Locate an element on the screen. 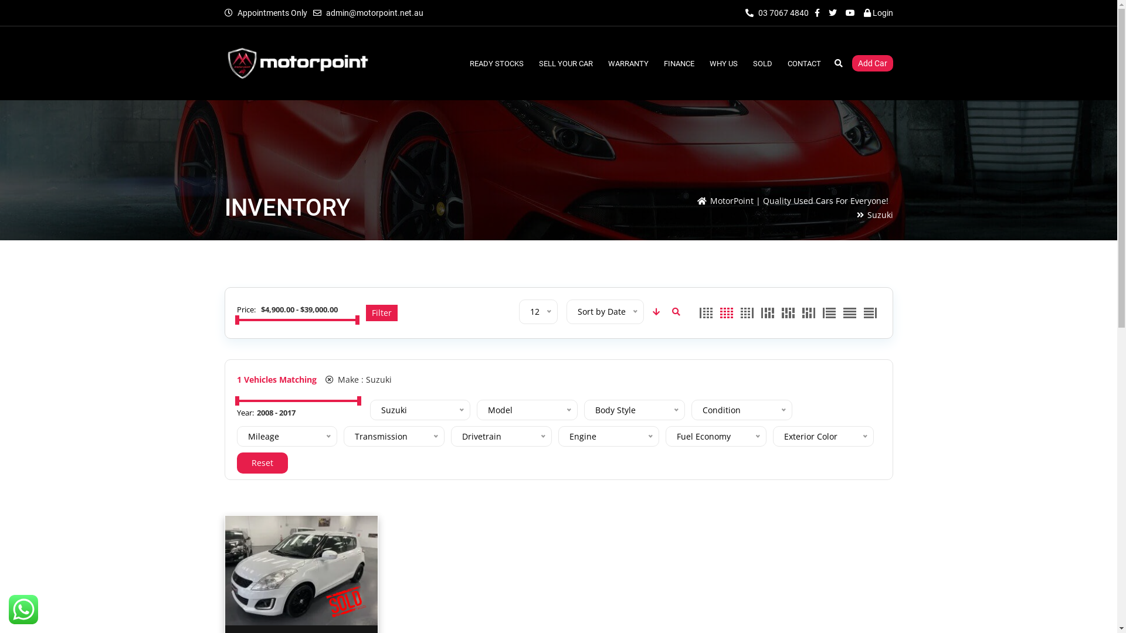 Image resolution: width=1126 pixels, height=633 pixels. 'MotorPoint | Quality Used Cars For Everyone!' is located at coordinates (798, 200).